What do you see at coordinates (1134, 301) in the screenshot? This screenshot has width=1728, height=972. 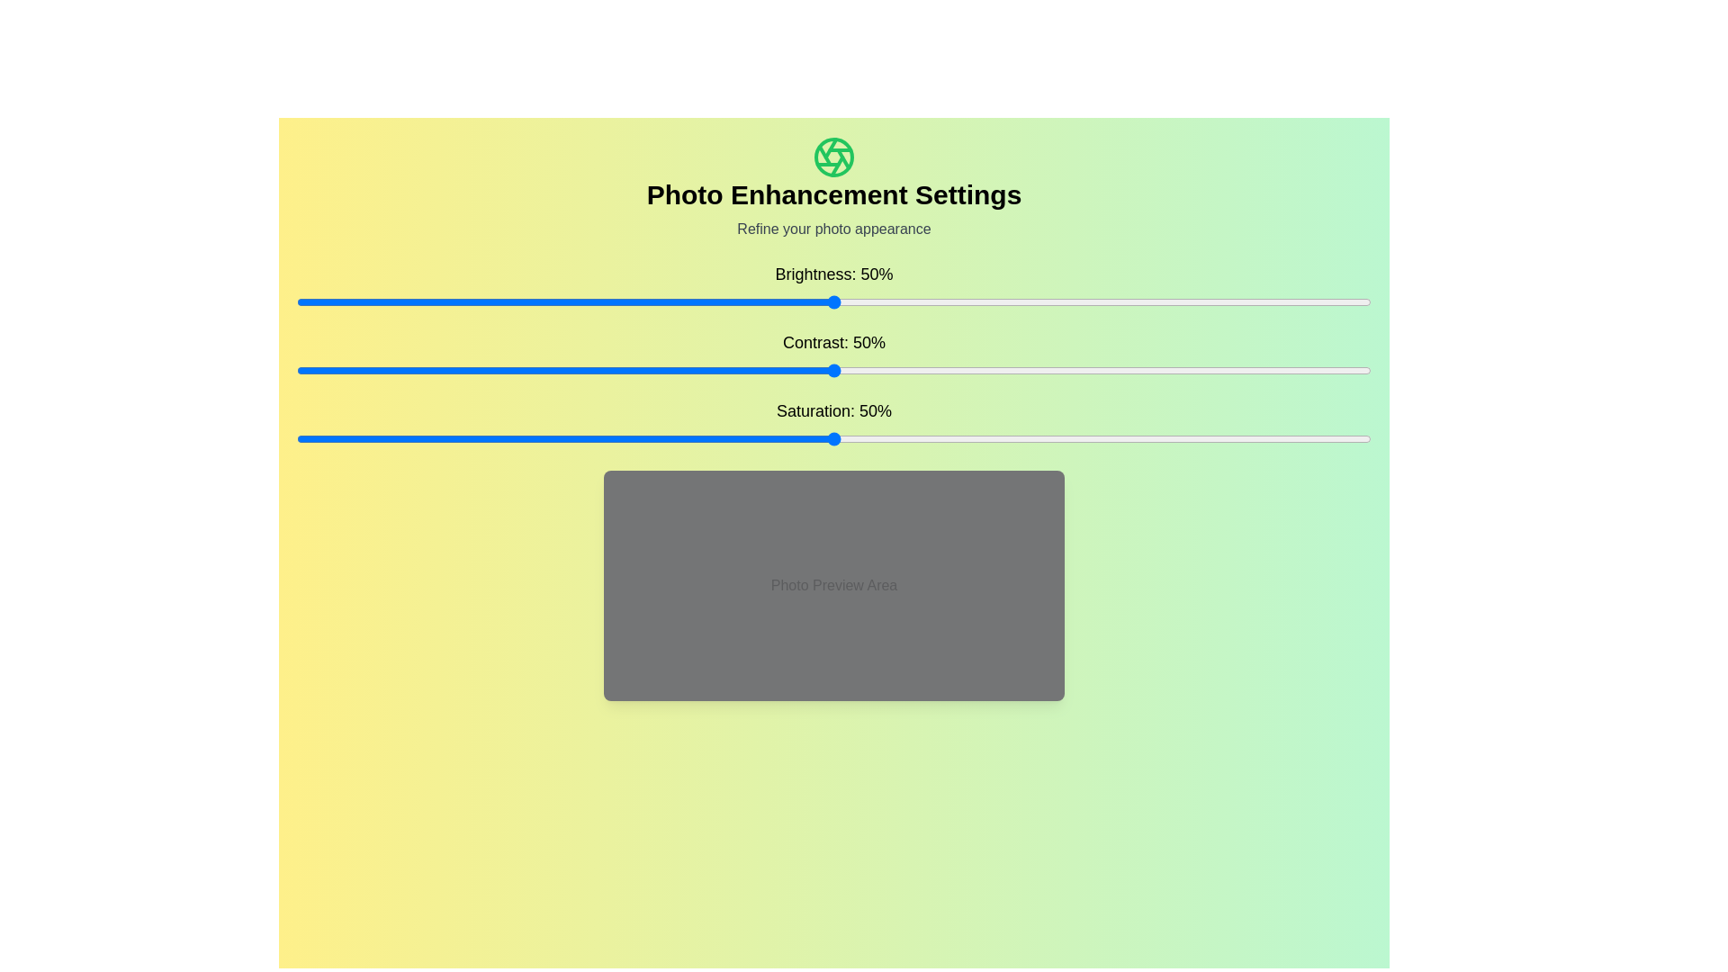 I see `the brightness slider to set the brightness to 78%` at bounding box center [1134, 301].